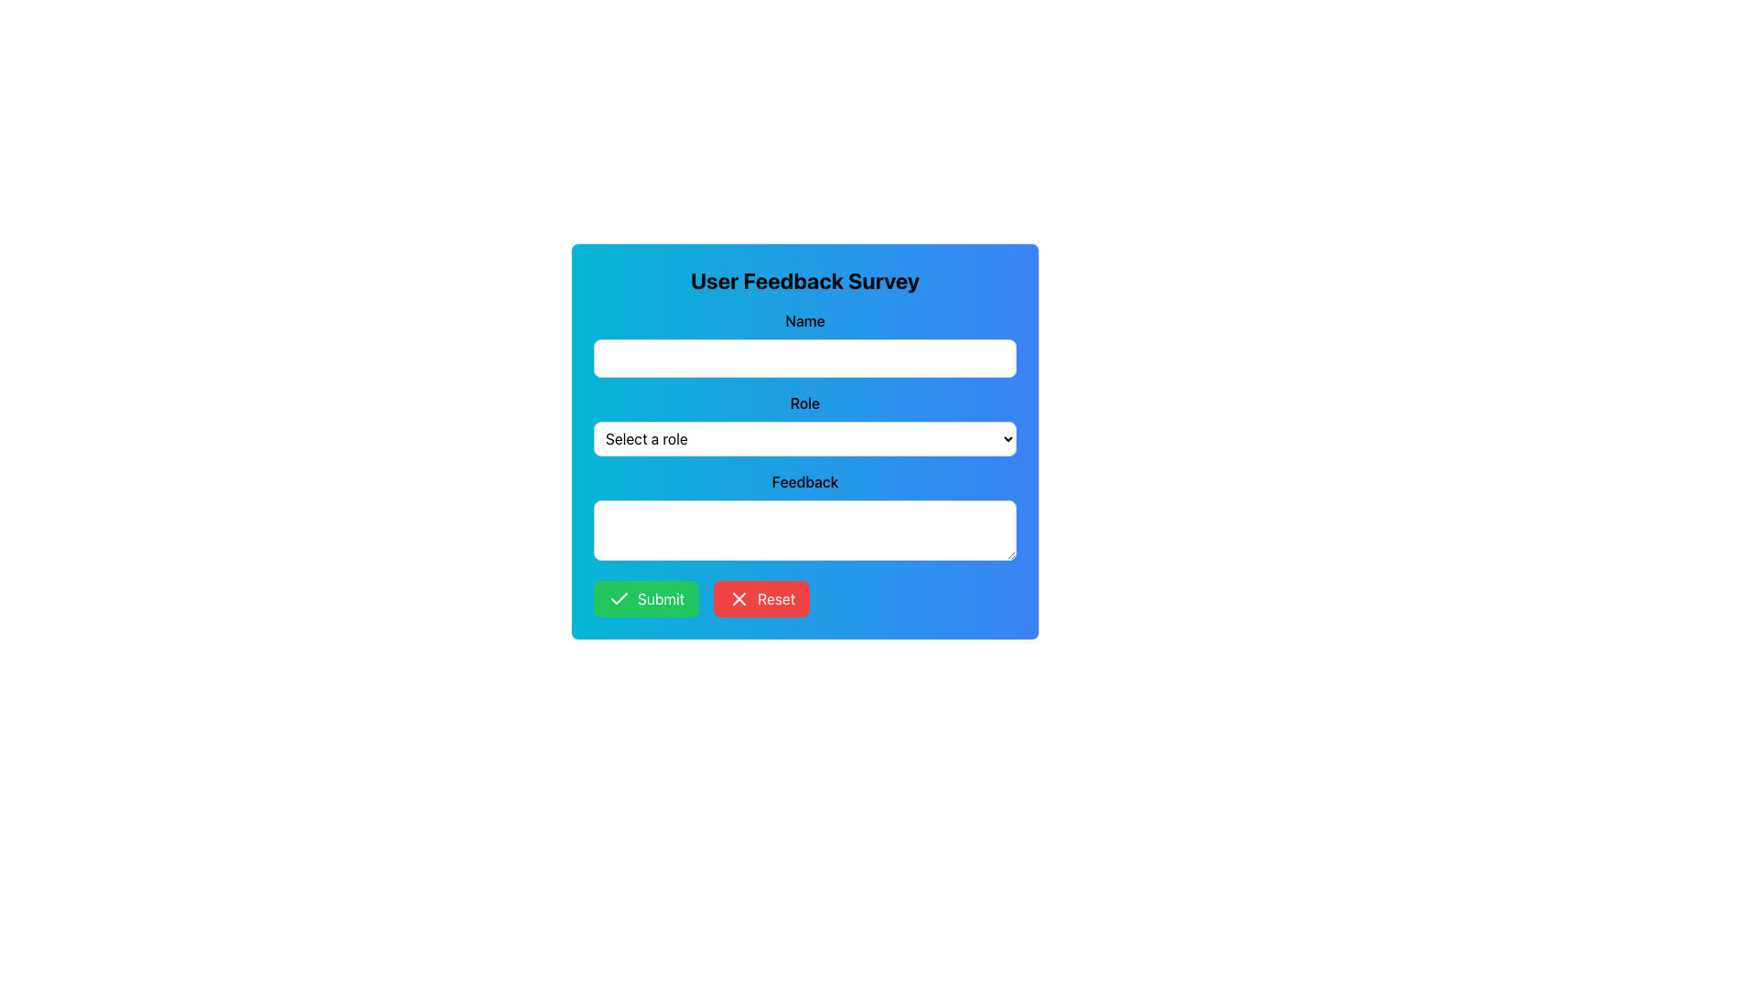 The height and width of the screenshot is (988, 1757). What do you see at coordinates (804, 481) in the screenshot?
I see `the 'Feedback' text label, which is a medium-weighted font text element located above the input field in the user feedback survey section` at bounding box center [804, 481].